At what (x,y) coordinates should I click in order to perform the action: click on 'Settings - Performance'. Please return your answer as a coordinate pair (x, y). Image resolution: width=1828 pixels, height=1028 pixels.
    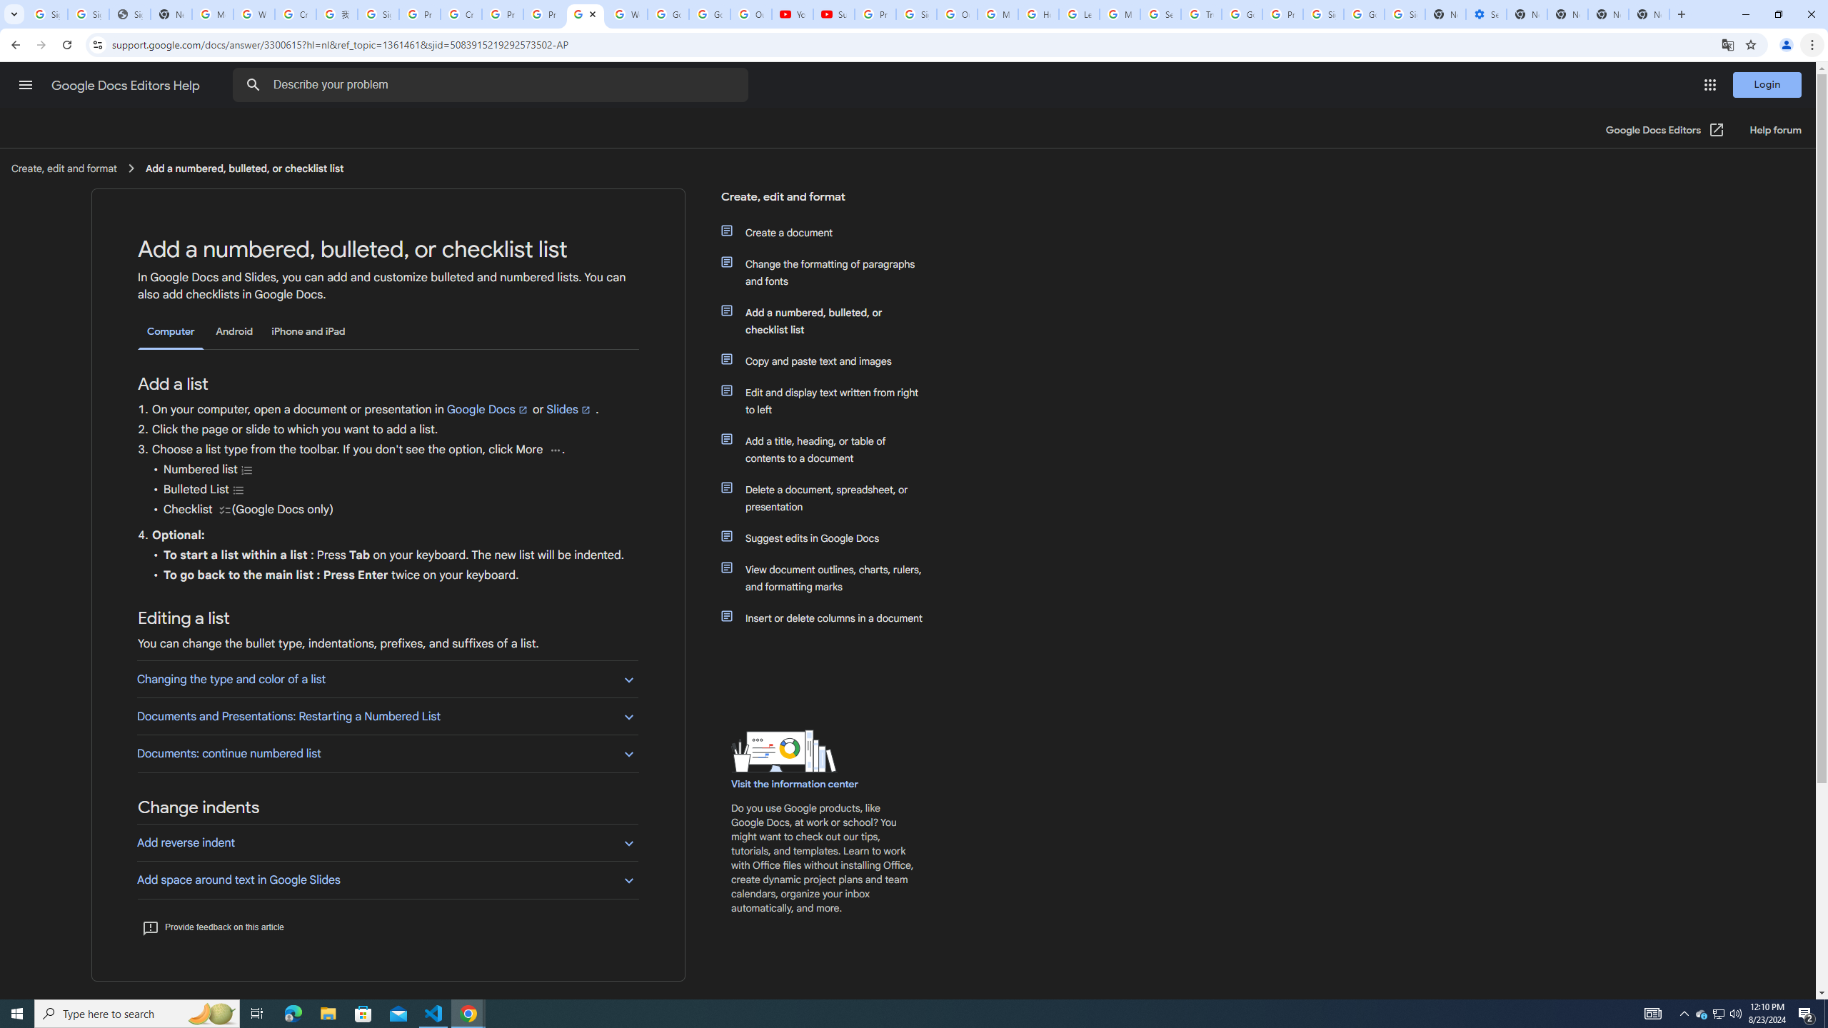
    Looking at the image, I should click on (1485, 14).